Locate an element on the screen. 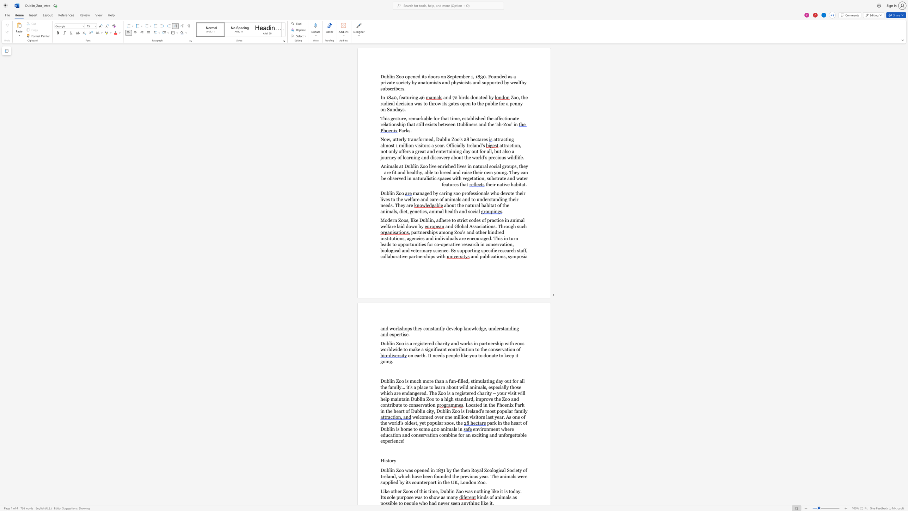 The image size is (908, 511). the space between the continuous character "s" and "t" in the text is located at coordinates (432, 329).